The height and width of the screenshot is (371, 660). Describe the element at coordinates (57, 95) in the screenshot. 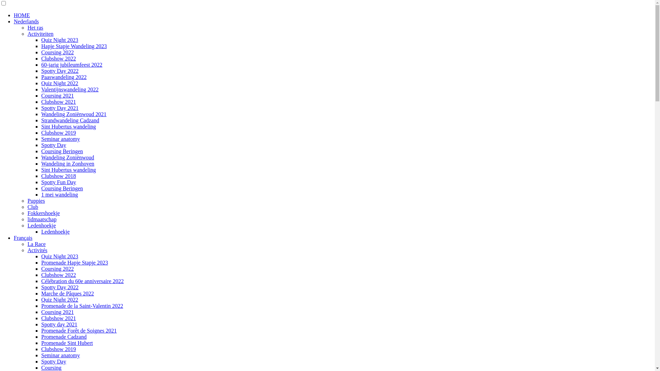

I see `'Coursing 2021'` at that location.